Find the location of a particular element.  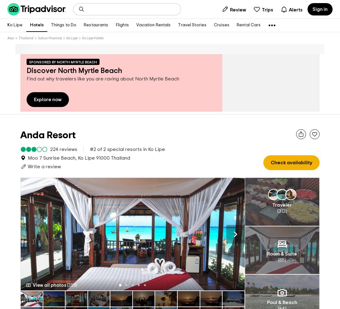

'Restaurants' is located at coordinates (96, 25).